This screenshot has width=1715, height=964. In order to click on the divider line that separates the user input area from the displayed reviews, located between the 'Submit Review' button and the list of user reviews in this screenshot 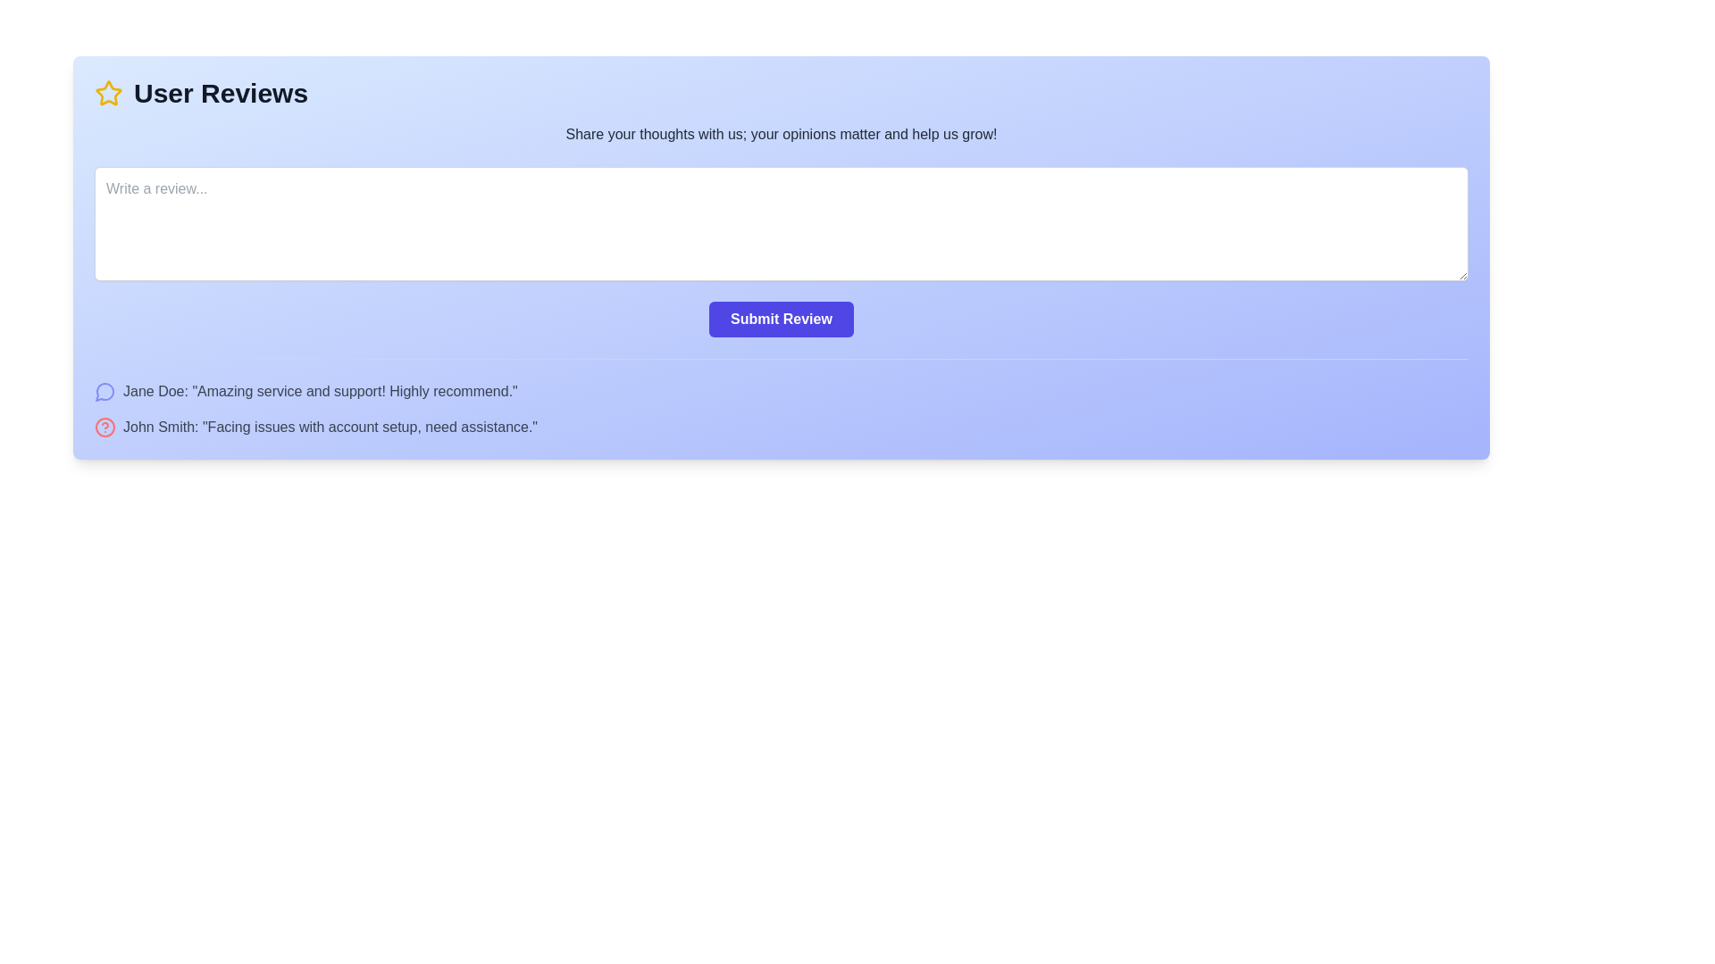, I will do `click(781, 359)`.